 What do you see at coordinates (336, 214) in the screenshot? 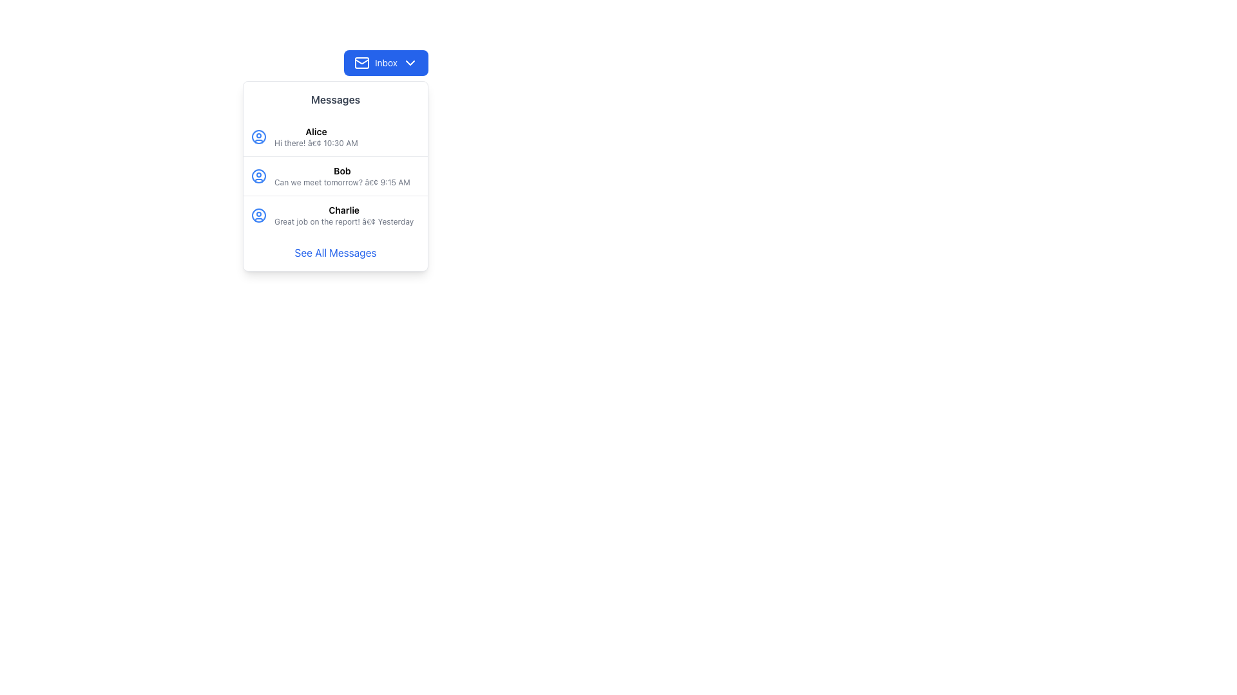
I see `the third interactive list item in the Messages panel` at bounding box center [336, 214].